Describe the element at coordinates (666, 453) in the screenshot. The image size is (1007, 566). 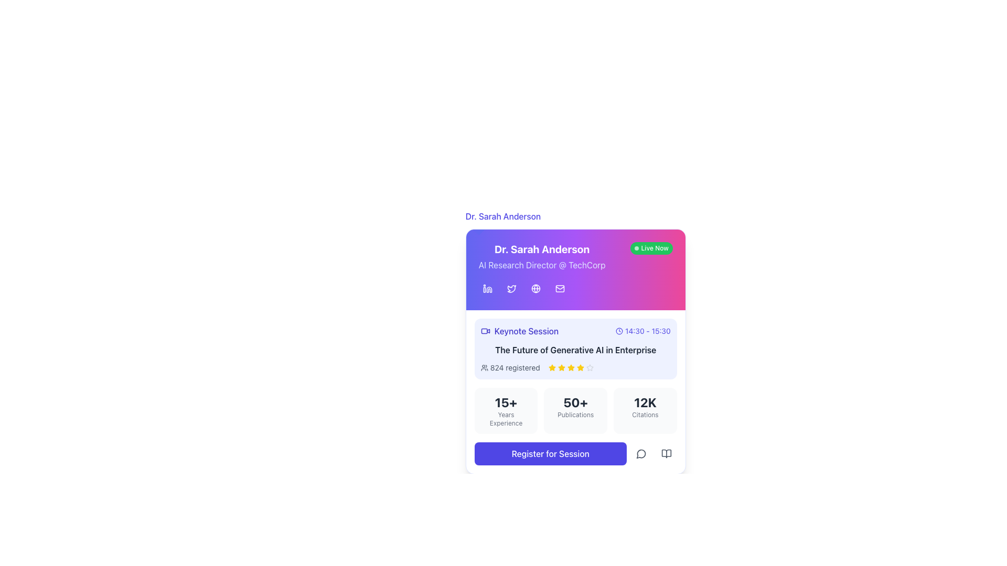
I see `the icon button located at the bottom-right corner of the 'Register for Session' section` at that location.